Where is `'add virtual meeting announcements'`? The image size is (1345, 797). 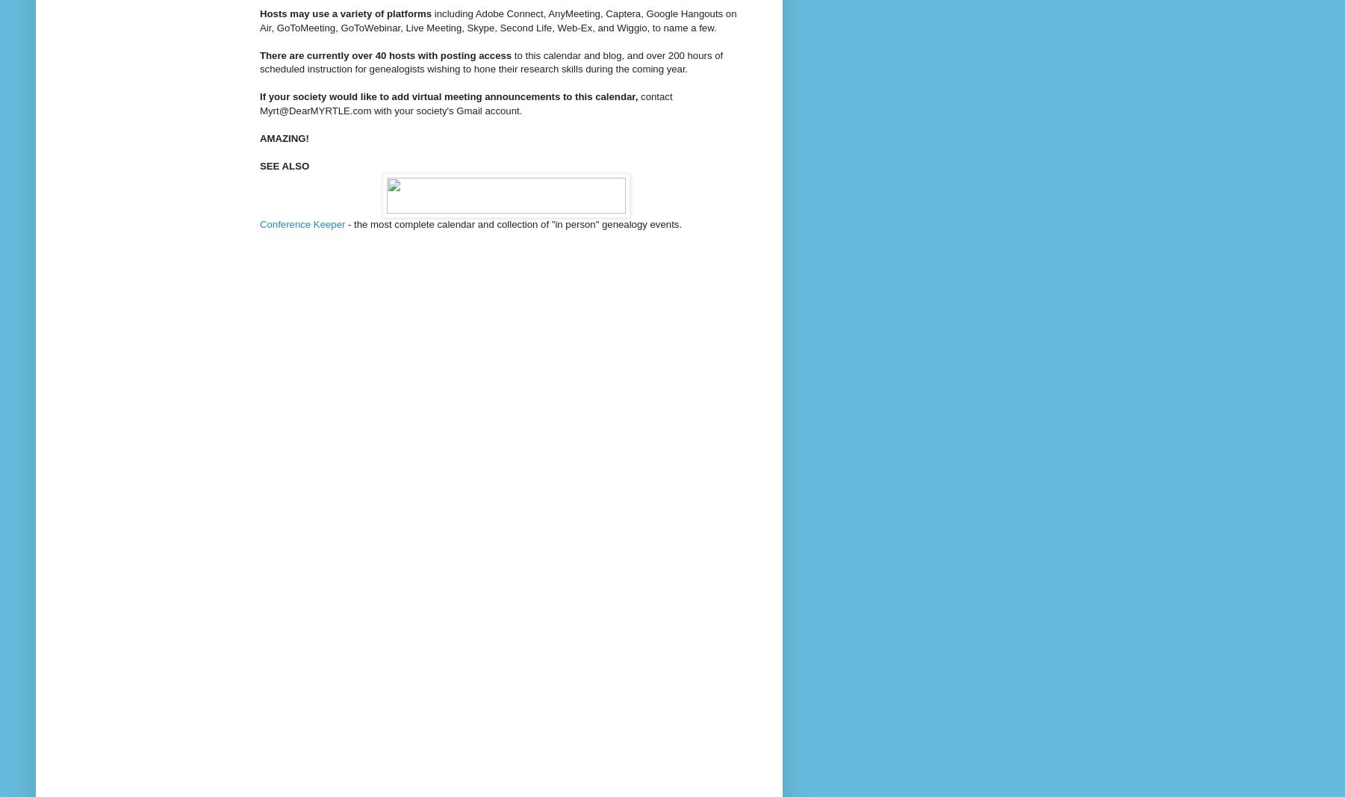 'add virtual meeting announcements' is located at coordinates (475, 96).